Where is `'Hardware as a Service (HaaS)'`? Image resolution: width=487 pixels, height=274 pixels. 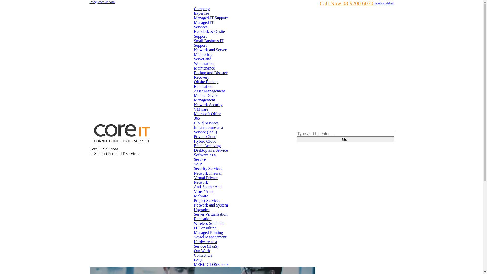
'Hardware as a Service (HaaS)' is located at coordinates (193, 244).